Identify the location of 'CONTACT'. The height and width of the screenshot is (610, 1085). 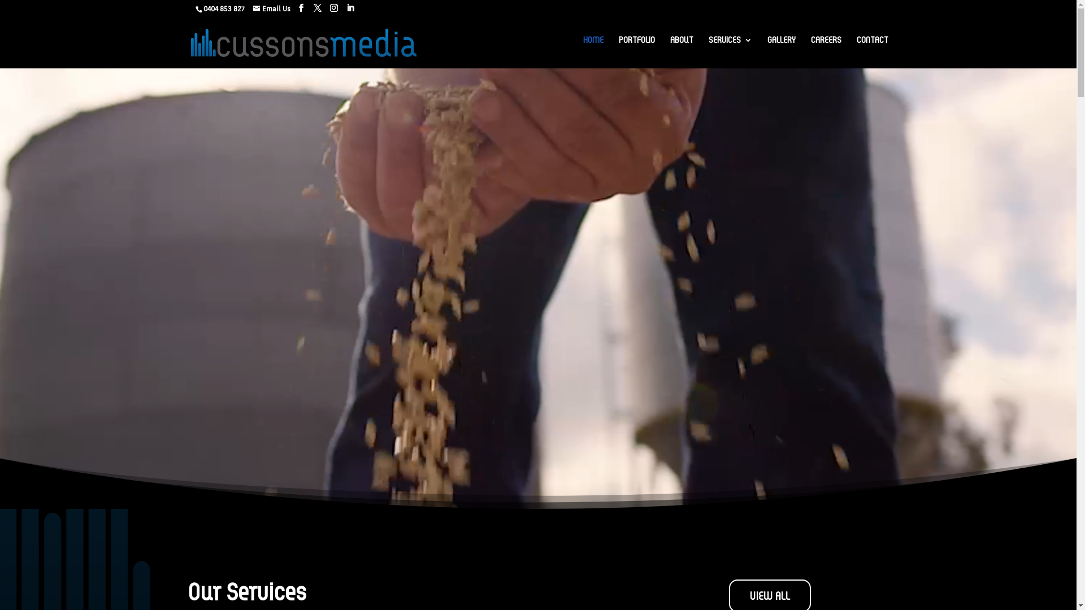
(872, 49).